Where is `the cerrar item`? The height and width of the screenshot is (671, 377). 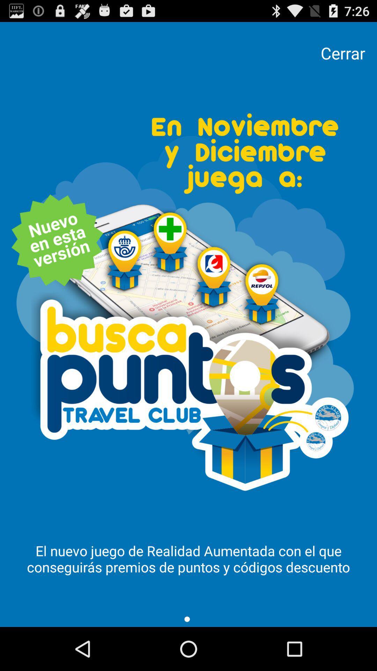 the cerrar item is located at coordinates (342, 53).